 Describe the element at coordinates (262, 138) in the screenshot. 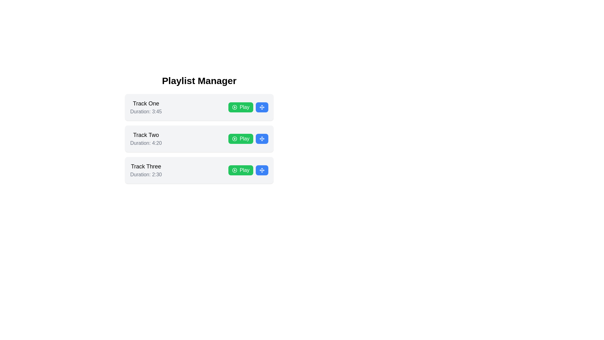

I see `the reordering icon button located beside the 'Play' button for 'Track Two'` at that location.